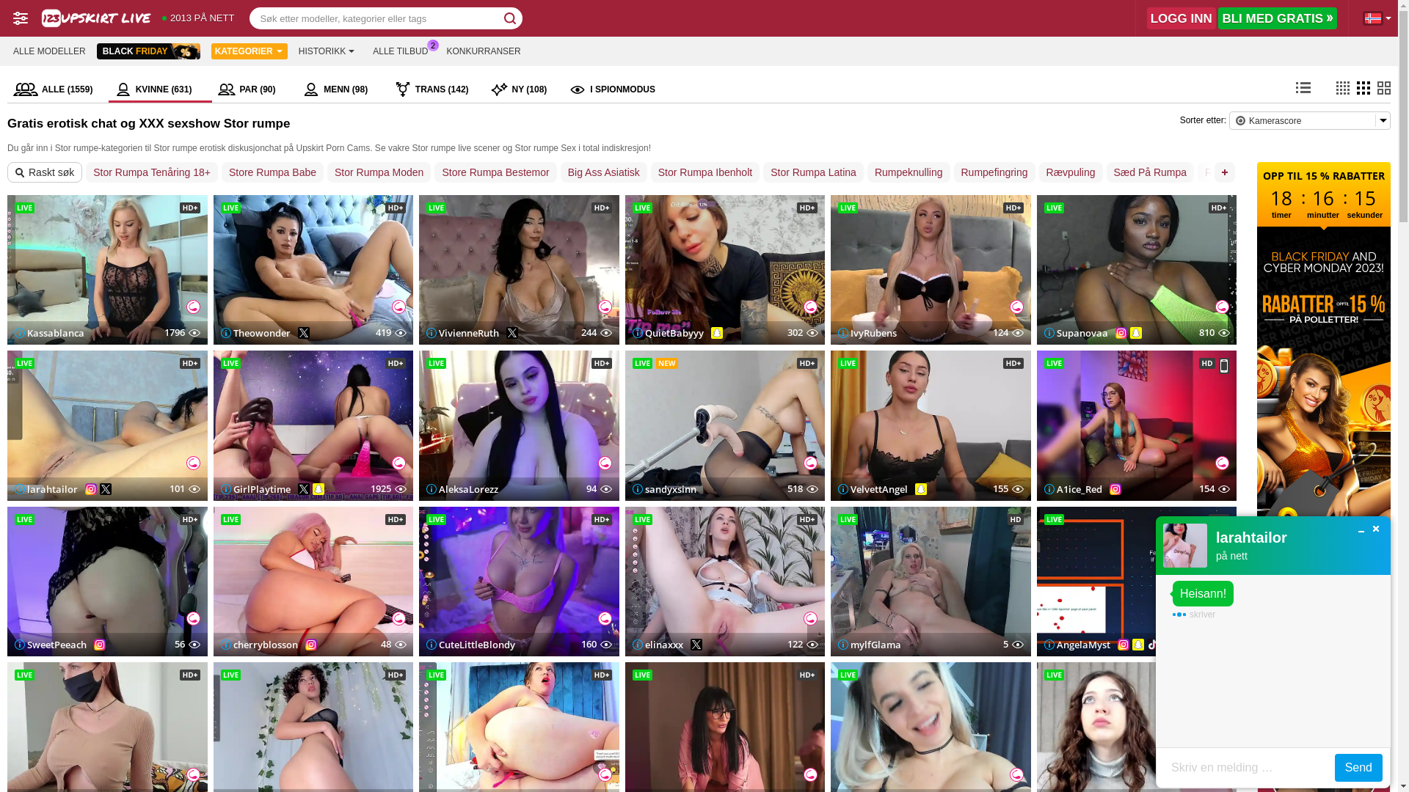  I want to click on 'ALLE TILBUD', so click(400, 50).